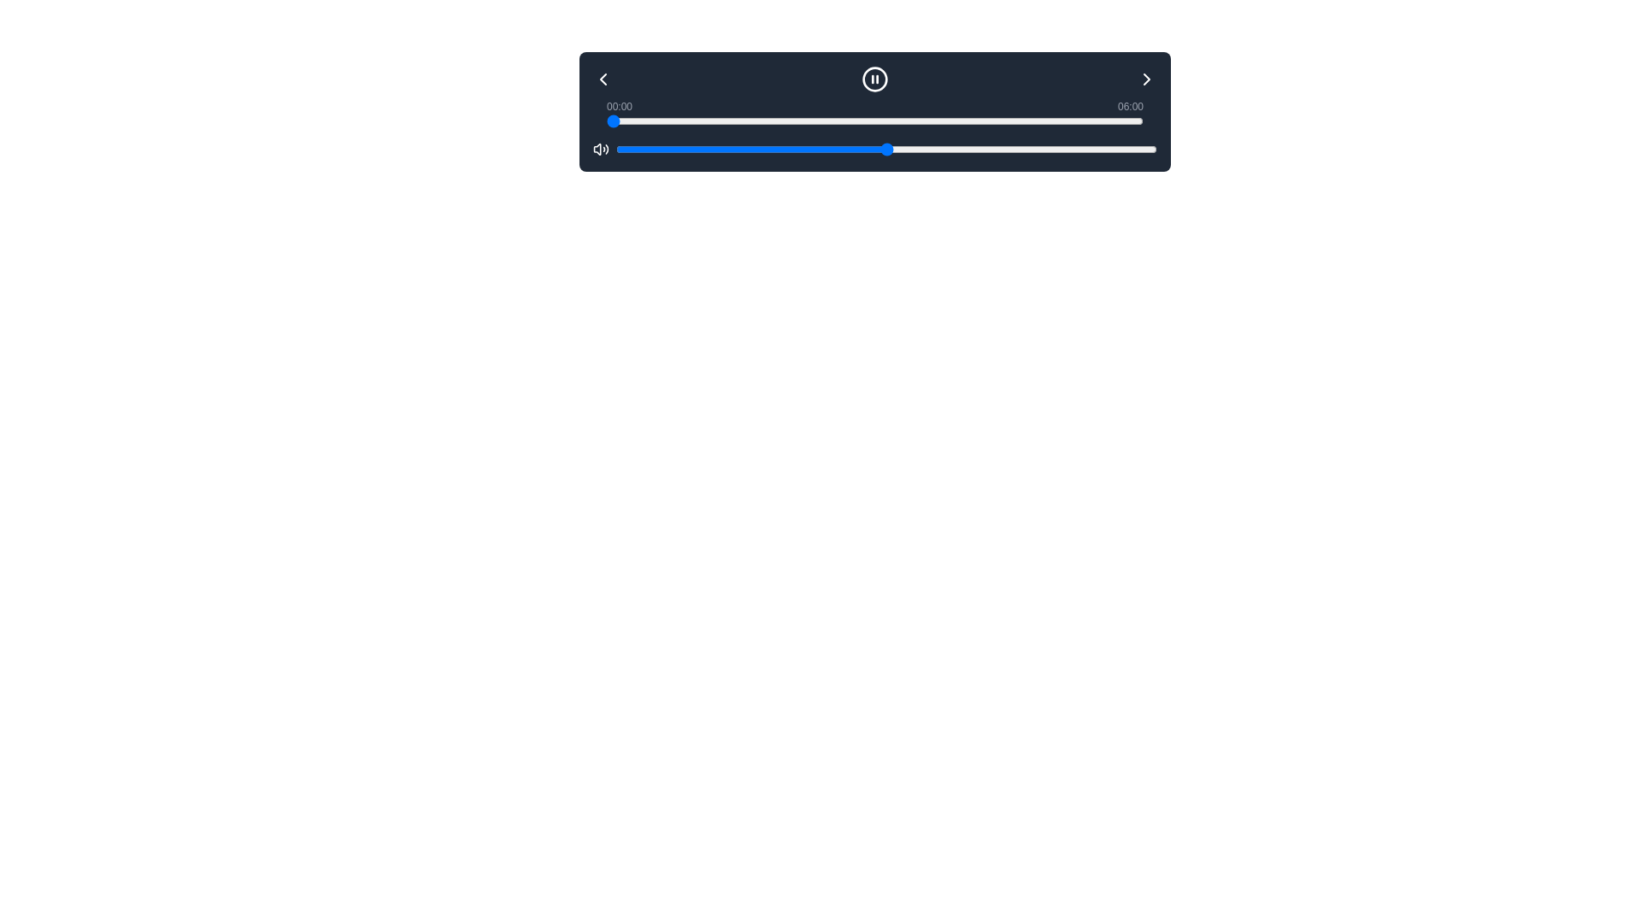 The height and width of the screenshot is (923, 1641). What do you see at coordinates (1009, 121) in the screenshot?
I see `the slider` at bounding box center [1009, 121].